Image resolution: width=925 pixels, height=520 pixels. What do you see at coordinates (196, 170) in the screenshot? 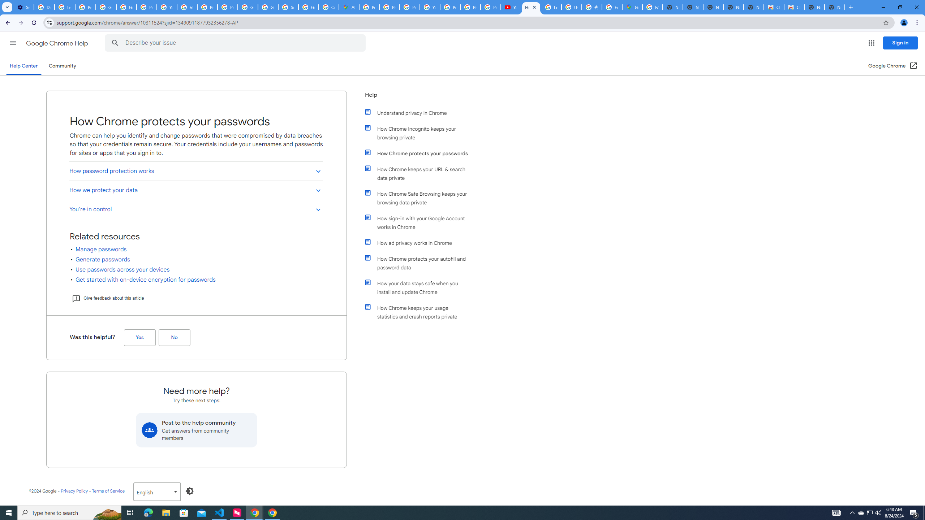
I see `'How password protection works'` at bounding box center [196, 170].